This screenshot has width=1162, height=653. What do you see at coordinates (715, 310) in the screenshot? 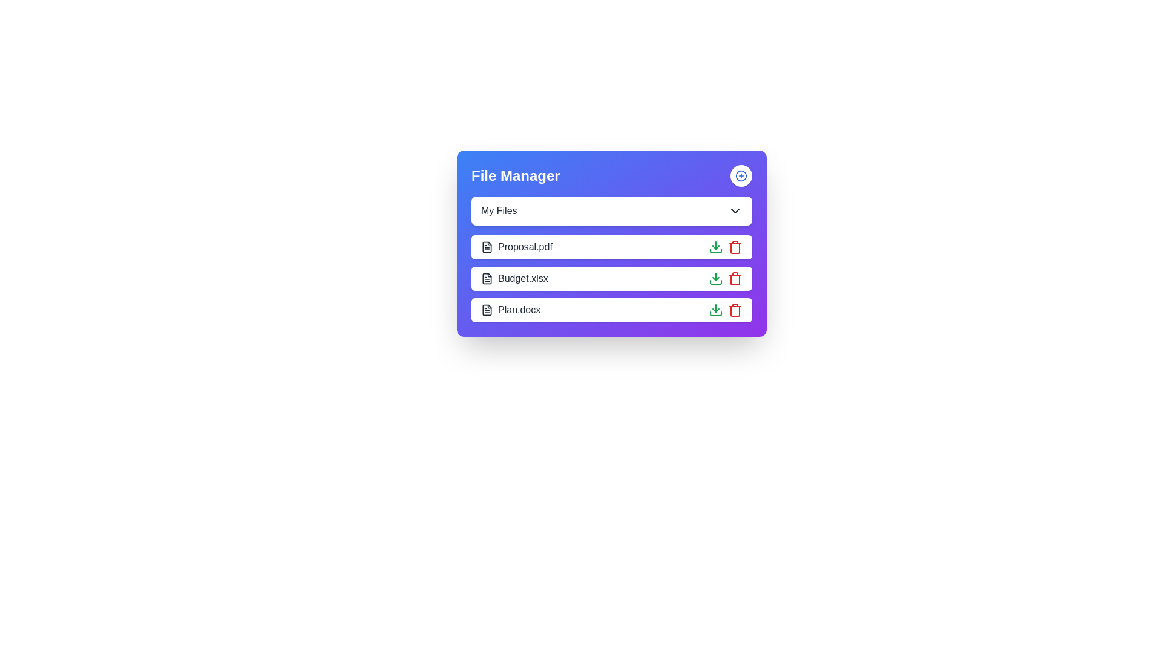
I see `the green downward-facing arrow icon button that represents a download action, located in the file management panel, next to 'Plan.docx'` at bounding box center [715, 310].